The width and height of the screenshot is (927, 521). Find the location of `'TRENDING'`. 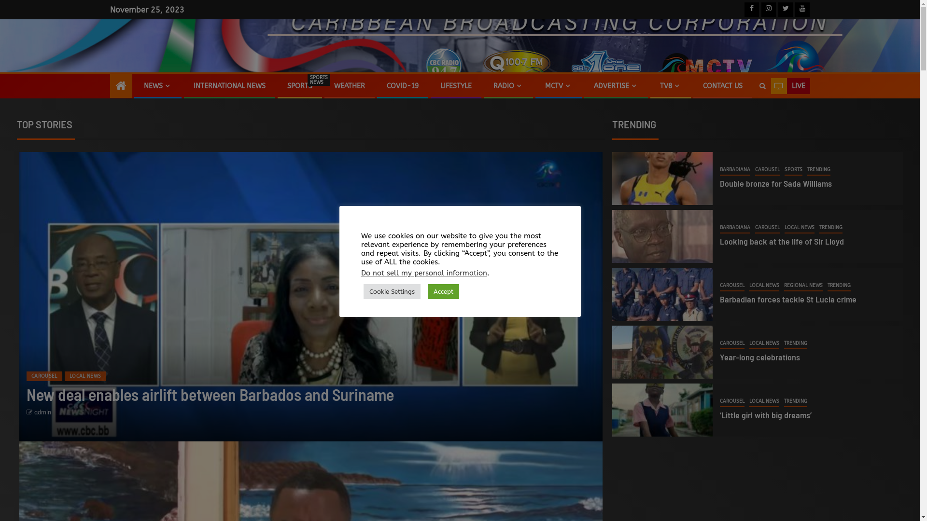

'TRENDING' is located at coordinates (818, 170).